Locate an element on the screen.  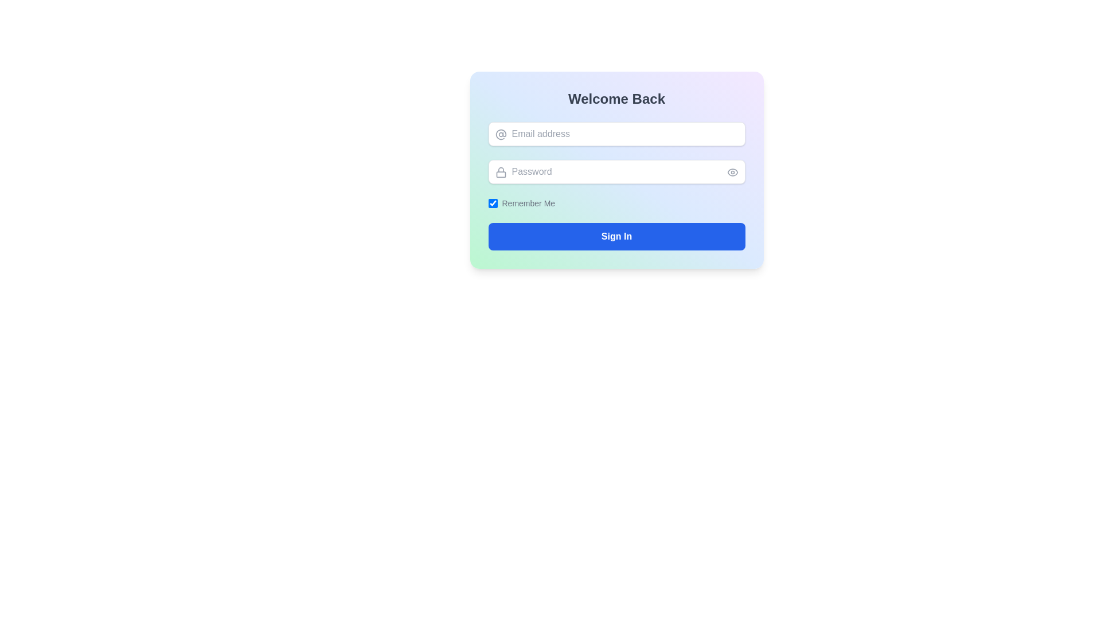
the small circular eye icon with a gray outline located at the rightmost end of the password input field is located at coordinates (732, 172).